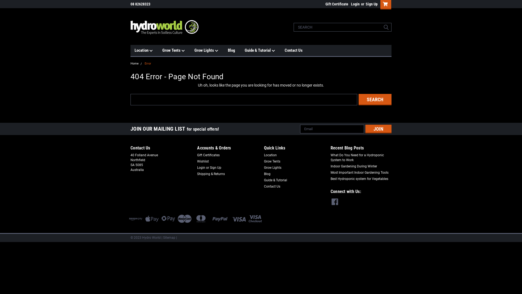 The height and width of the screenshot is (294, 522). I want to click on 'Best Hydroponic system for Vegetables', so click(359, 179).